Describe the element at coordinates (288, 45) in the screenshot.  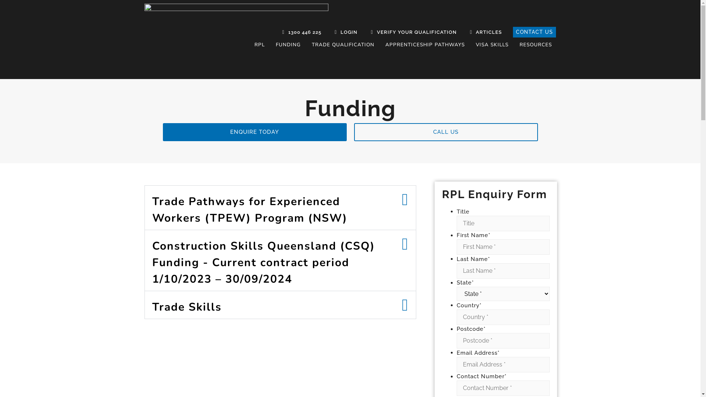
I see `'FUNDING'` at that location.